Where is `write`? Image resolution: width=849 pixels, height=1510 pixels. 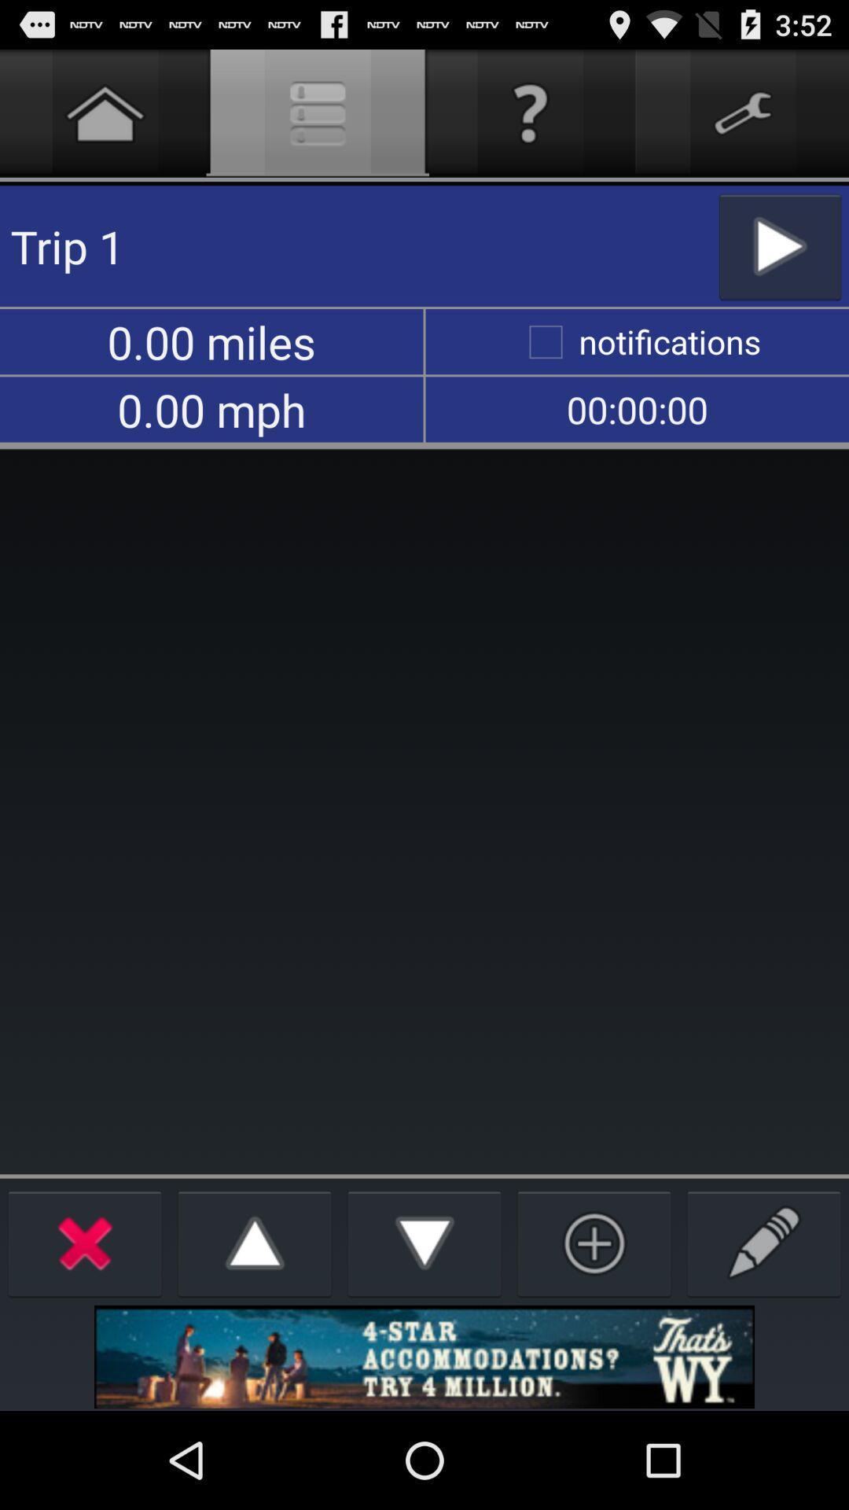
write is located at coordinates (763, 1242).